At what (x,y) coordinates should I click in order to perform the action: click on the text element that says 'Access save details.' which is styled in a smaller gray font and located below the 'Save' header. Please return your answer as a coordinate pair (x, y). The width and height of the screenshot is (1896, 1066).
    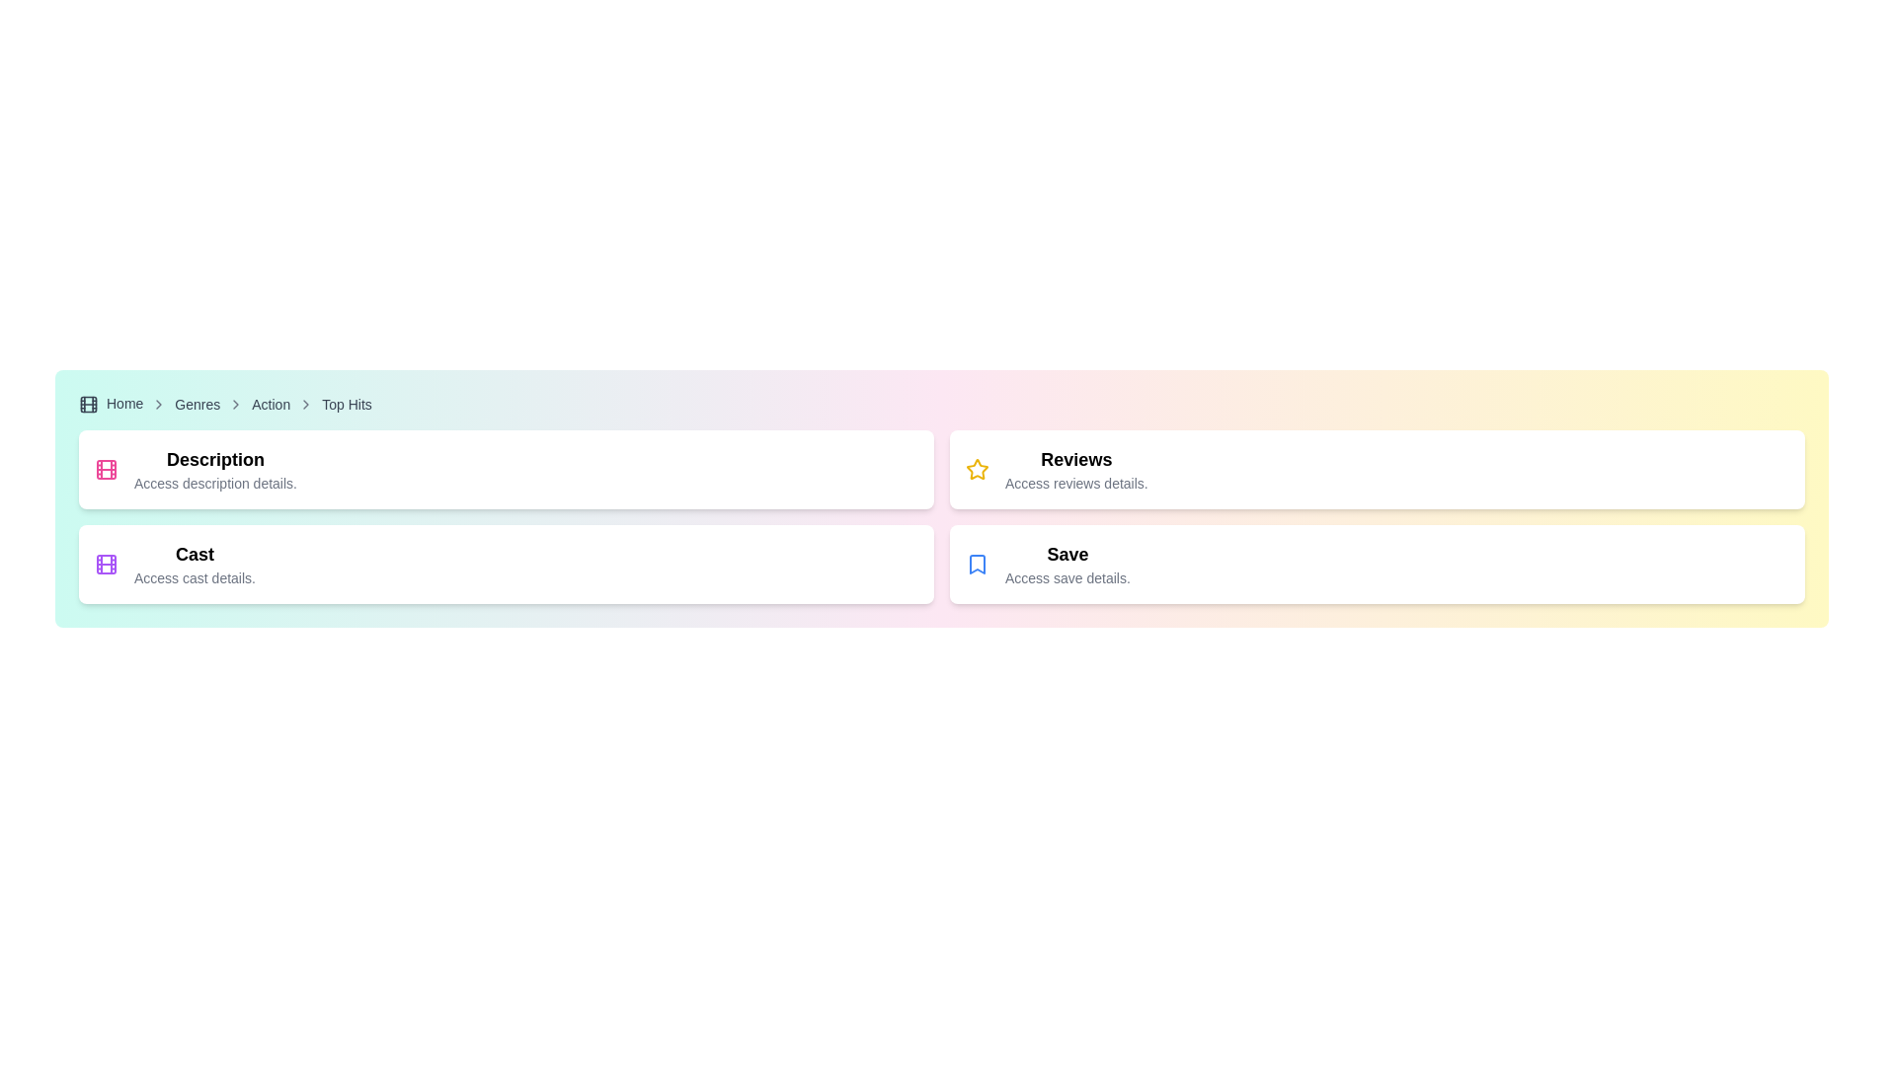
    Looking at the image, I should click on (1066, 577).